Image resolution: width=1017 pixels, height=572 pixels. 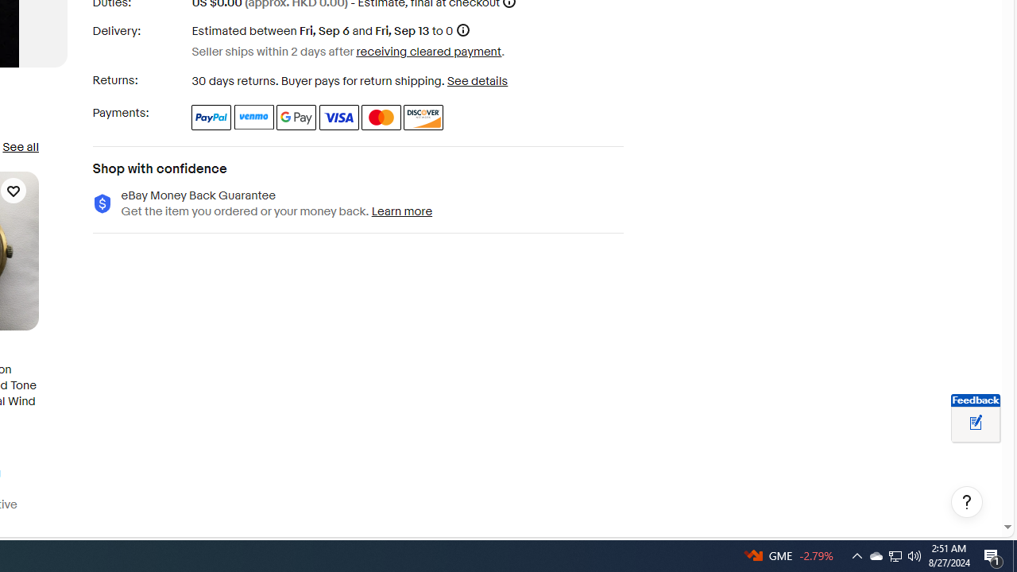 I want to click on 'Visa', so click(x=338, y=116).